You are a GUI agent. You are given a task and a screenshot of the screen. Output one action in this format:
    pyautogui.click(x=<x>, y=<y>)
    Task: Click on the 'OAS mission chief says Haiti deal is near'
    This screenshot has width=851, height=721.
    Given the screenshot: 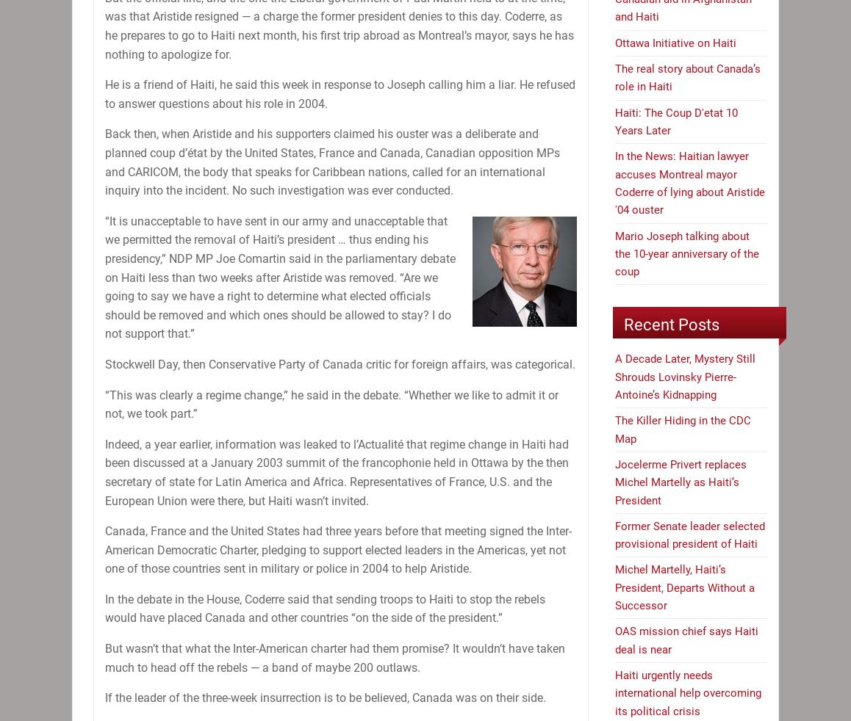 What is the action you would take?
    pyautogui.click(x=614, y=640)
    